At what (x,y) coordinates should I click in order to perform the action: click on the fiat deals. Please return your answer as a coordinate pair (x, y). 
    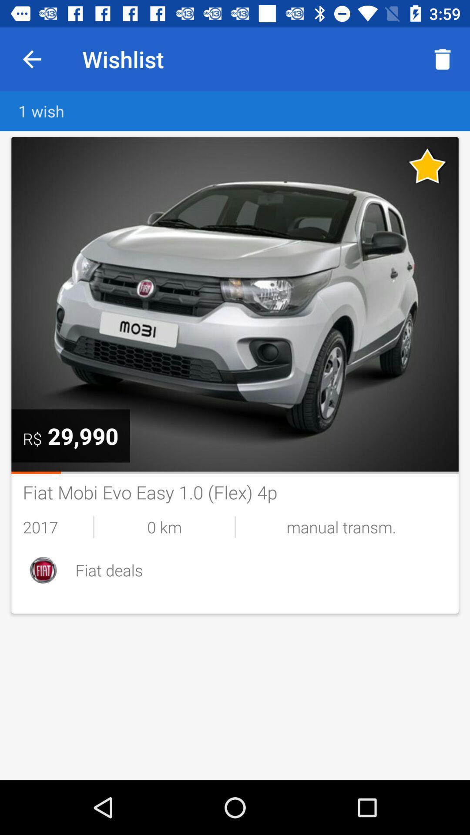
    Looking at the image, I should click on (261, 570).